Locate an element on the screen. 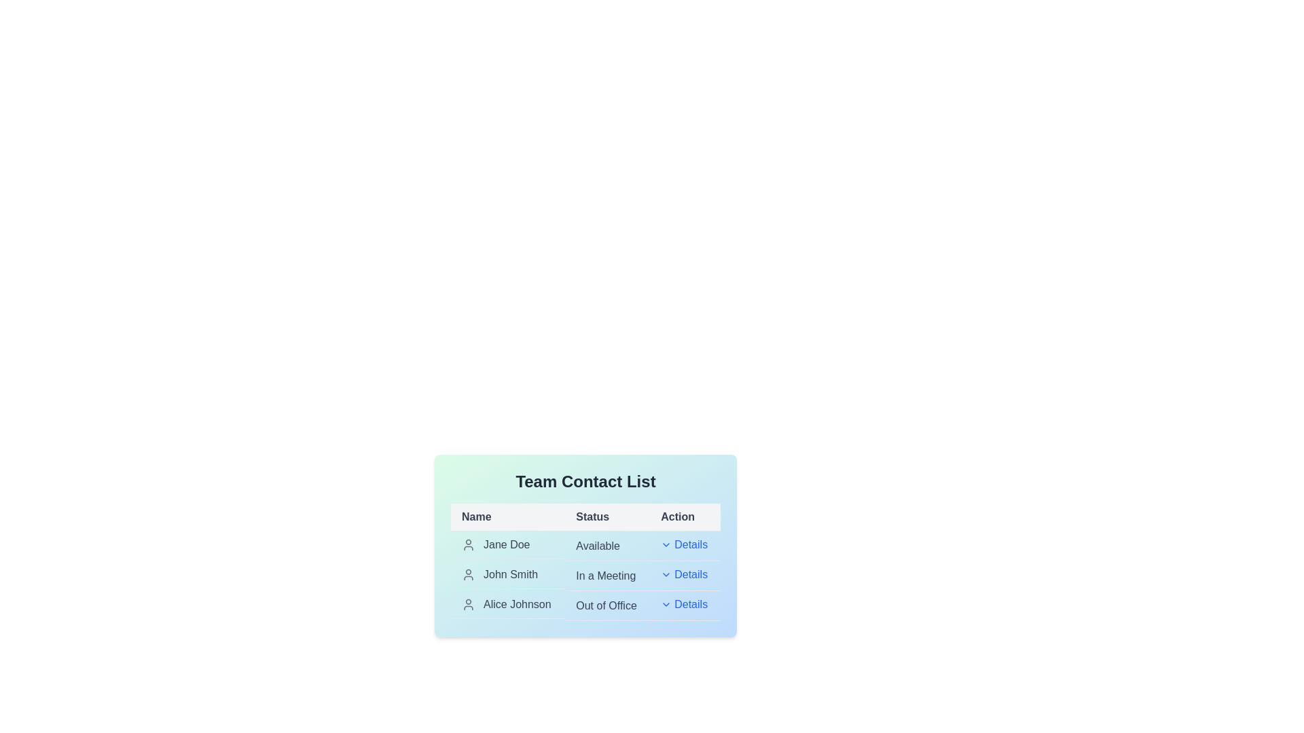  the contact name corresponding to Jane Doe is located at coordinates (507, 544).